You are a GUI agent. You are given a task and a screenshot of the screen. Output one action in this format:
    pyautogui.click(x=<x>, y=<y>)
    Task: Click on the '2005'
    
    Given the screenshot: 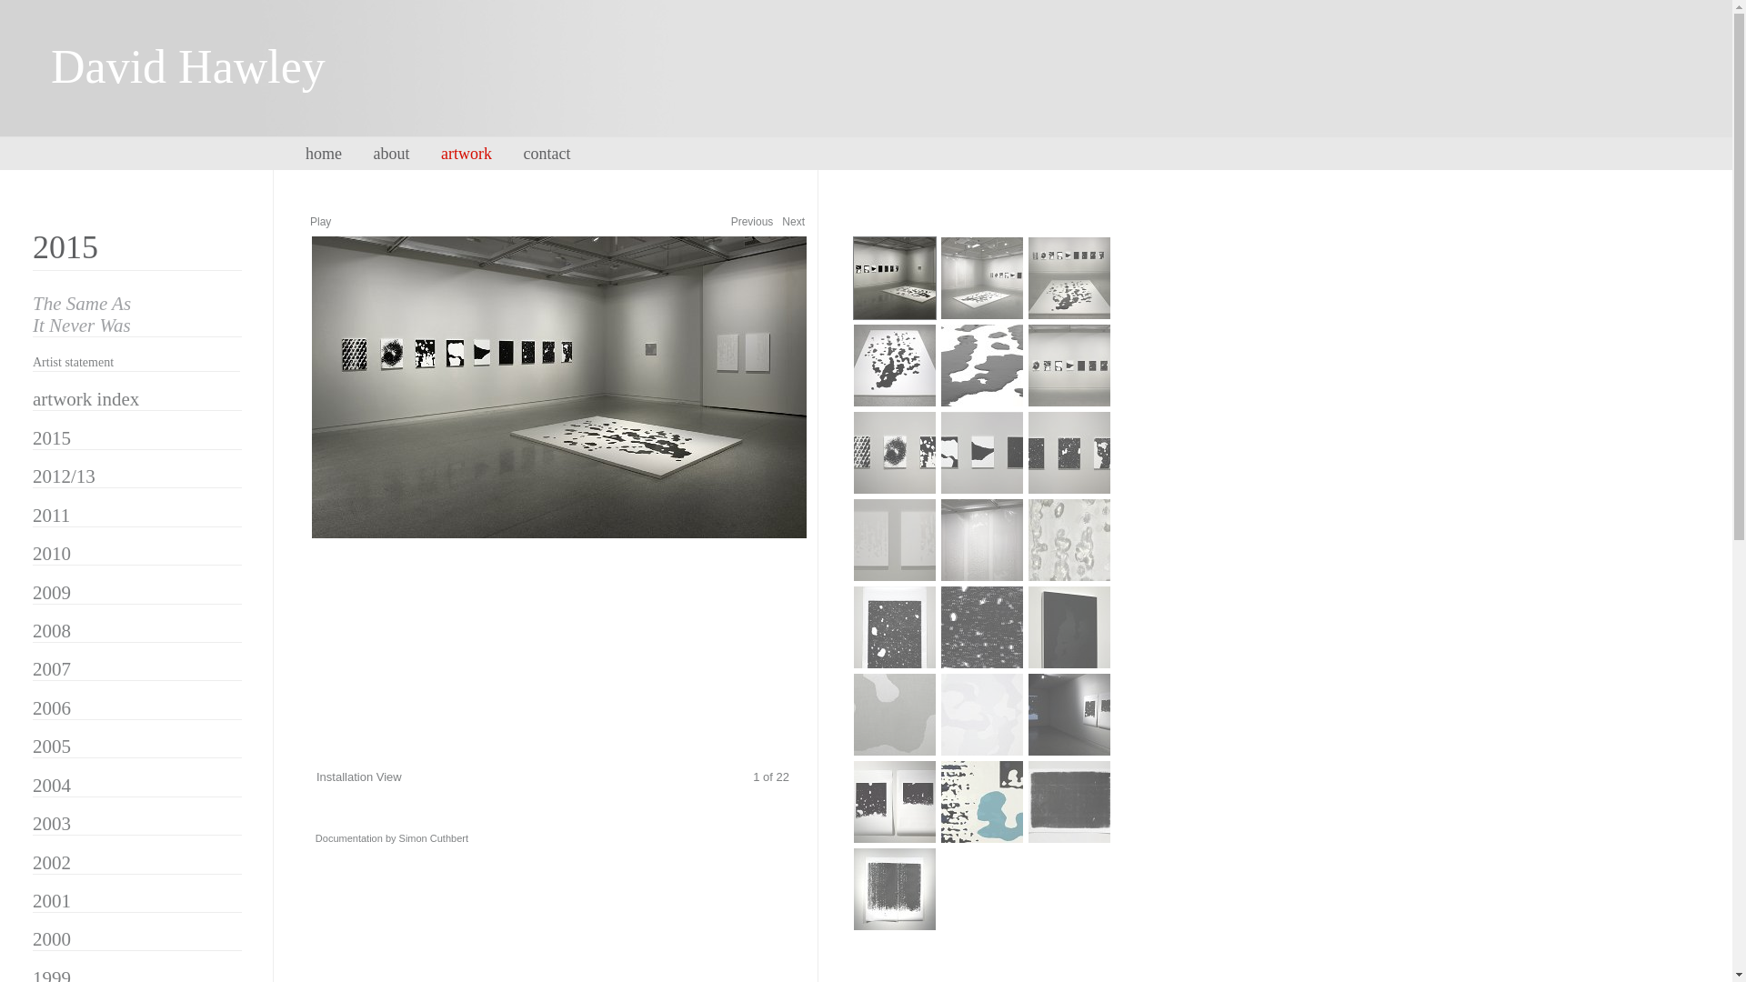 What is the action you would take?
    pyautogui.click(x=32, y=747)
    